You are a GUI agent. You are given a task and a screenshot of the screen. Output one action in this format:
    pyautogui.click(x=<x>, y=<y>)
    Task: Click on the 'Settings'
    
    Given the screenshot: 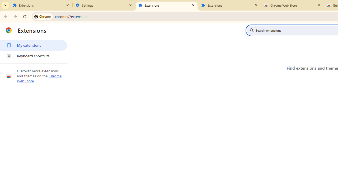 What is the action you would take?
    pyautogui.click(x=104, y=5)
    